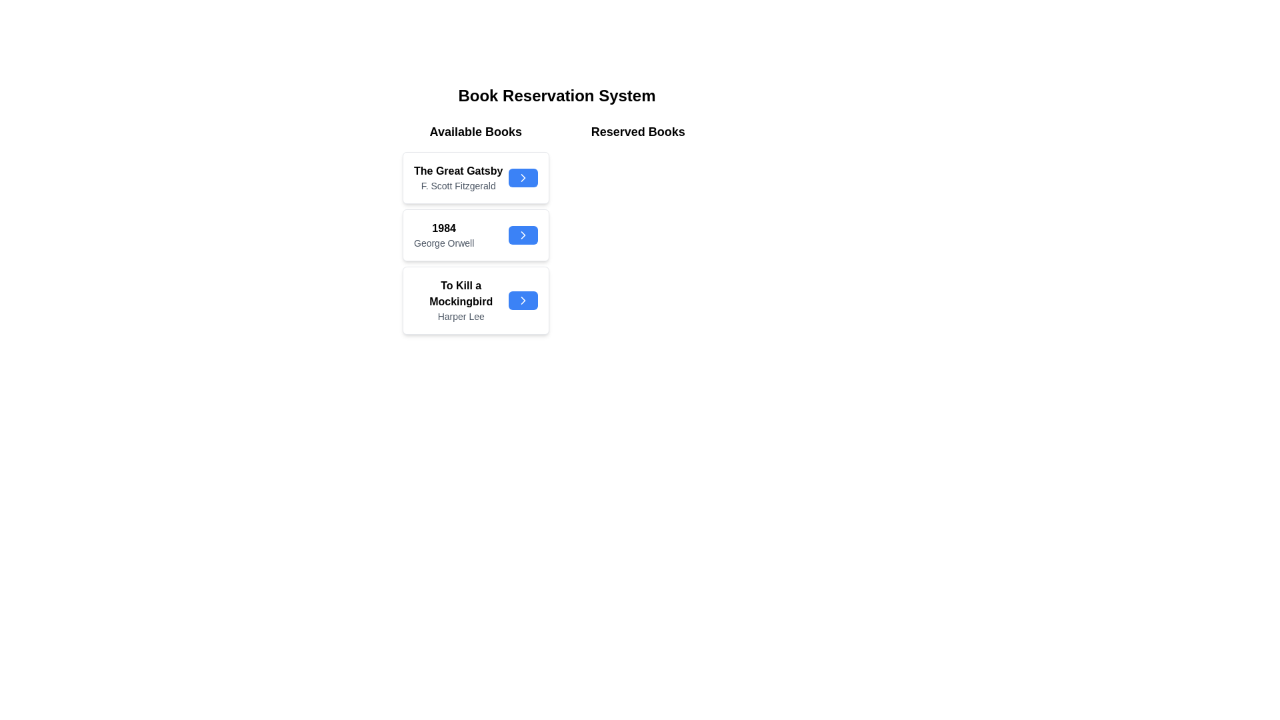 The image size is (1280, 720). What do you see at coordinates (522, 235) in the screenshot?
I see `the chevron icon embedded in the button on the right side of the '1984' book entry` at bounding box center [522, 235].